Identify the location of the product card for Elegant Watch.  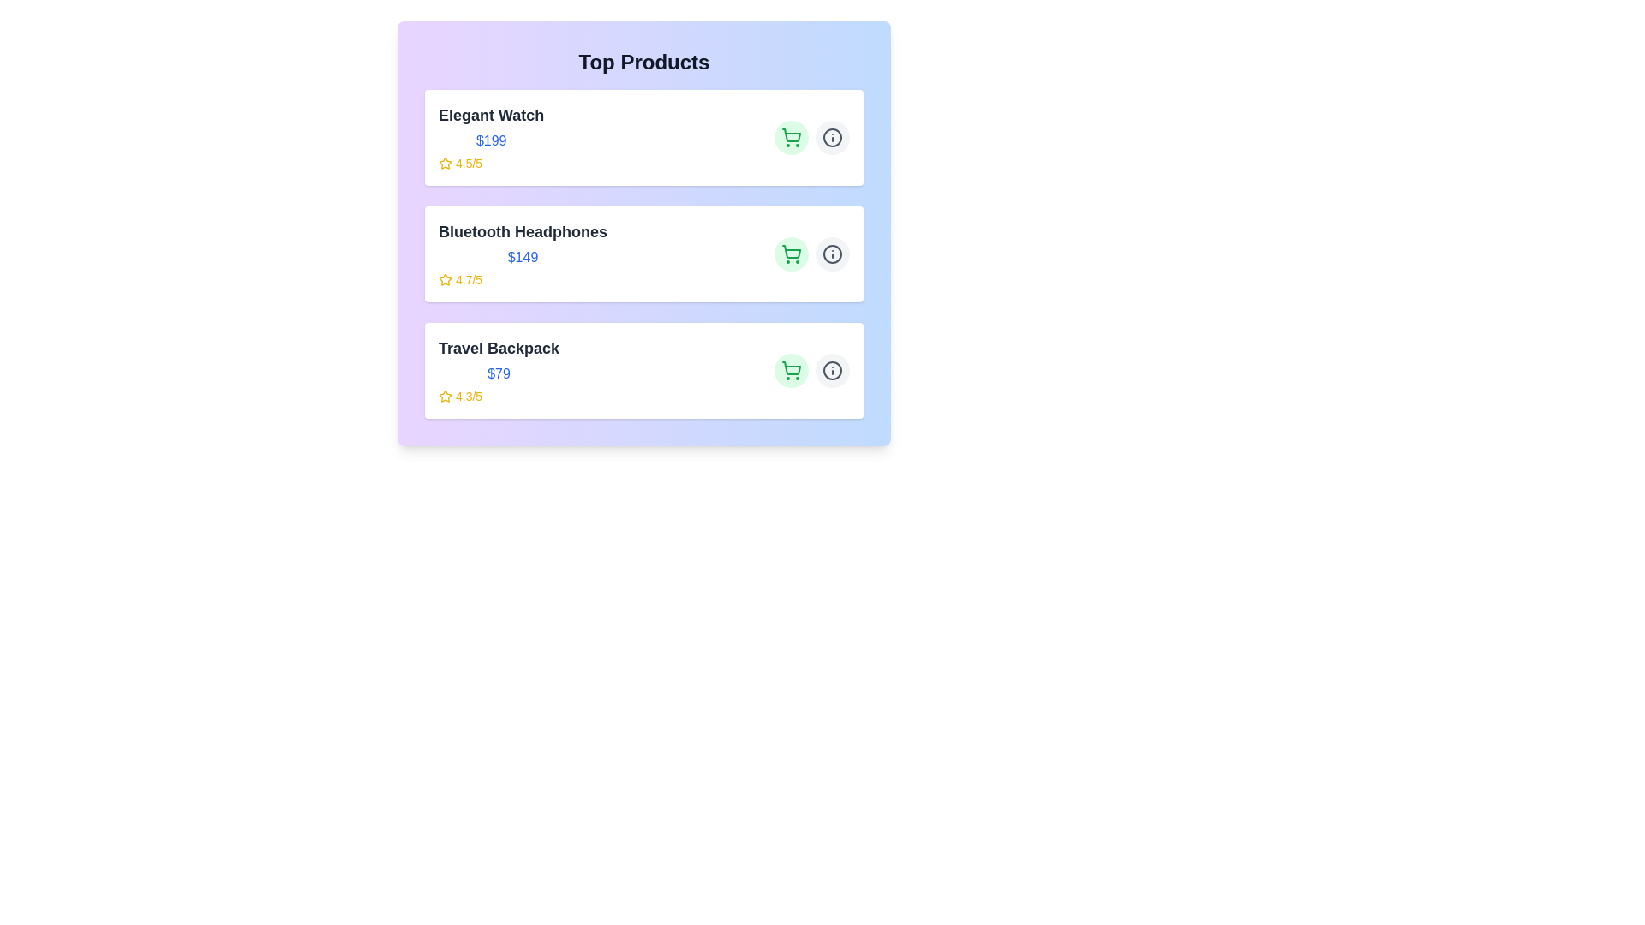
(643, 137).